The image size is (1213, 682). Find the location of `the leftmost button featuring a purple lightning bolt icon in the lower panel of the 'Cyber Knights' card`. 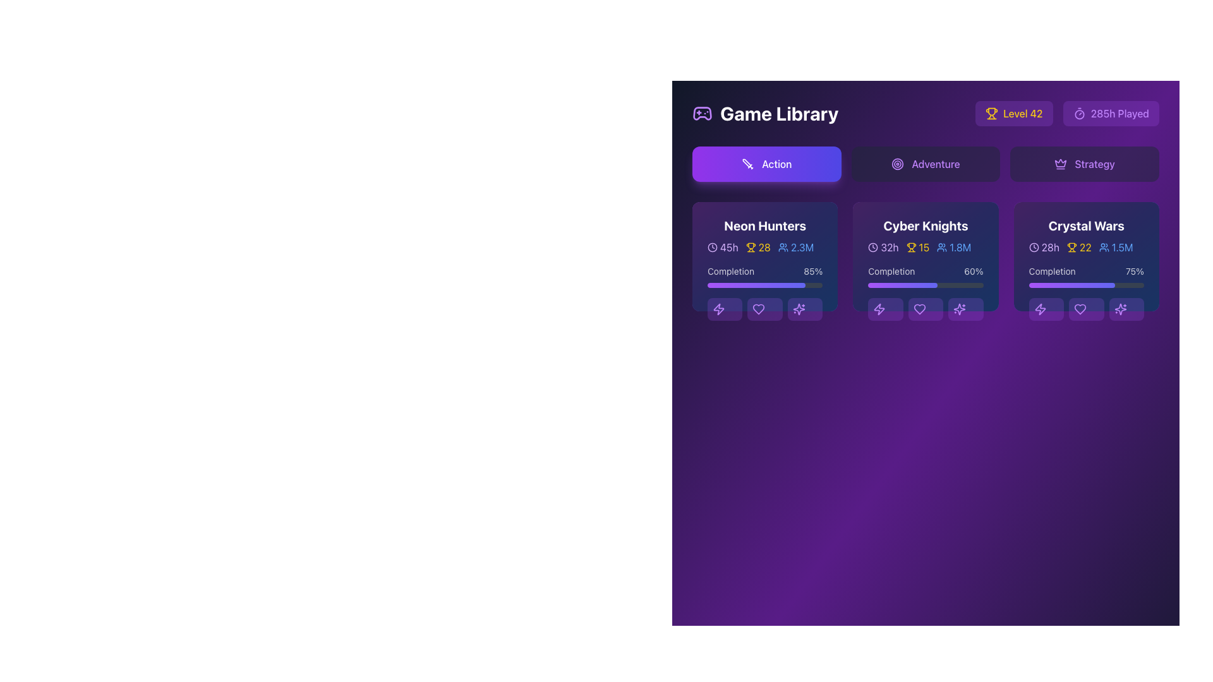

the leftmost button featuring a purple lightning bolt icon in the lower panel of the 'Cyber Knights' card is located at coordinates (879, 309).